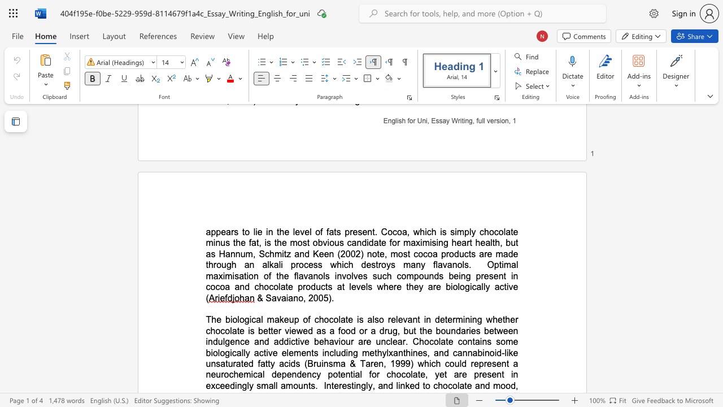  Describe the element at coordinates (206, 319) in the screenshot. I see `the subset text "The biological makeup of cho" within the text "The biological makeup of chocolate is also relevant in"` at that location.